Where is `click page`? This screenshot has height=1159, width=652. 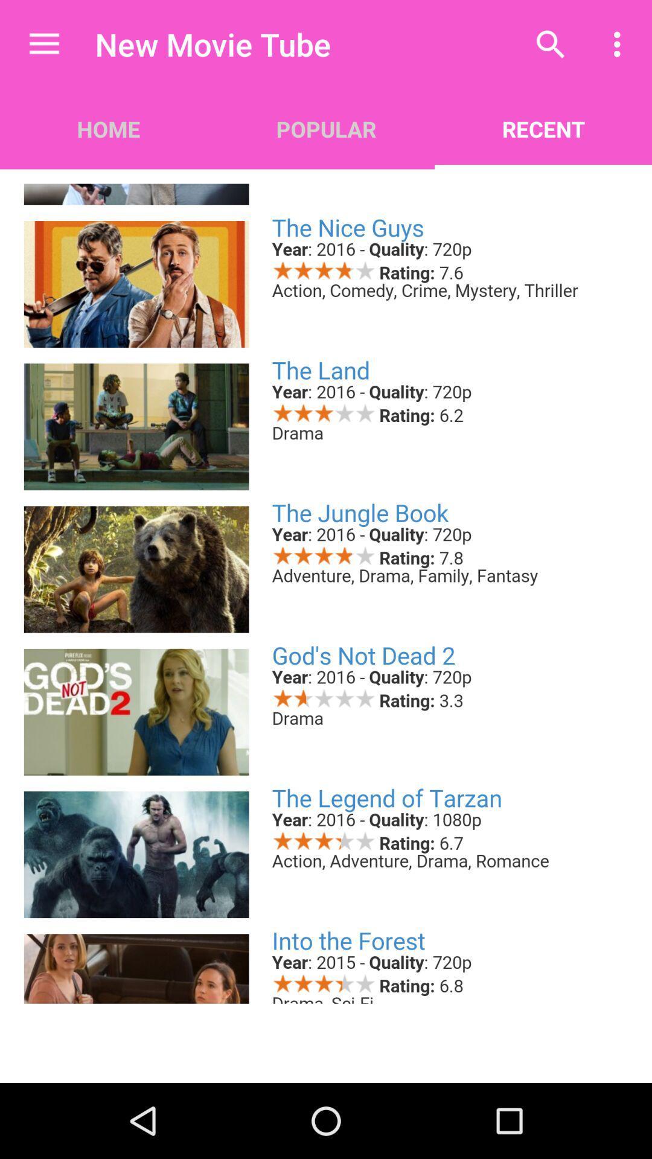 click page is located at coordinates (326, 586).